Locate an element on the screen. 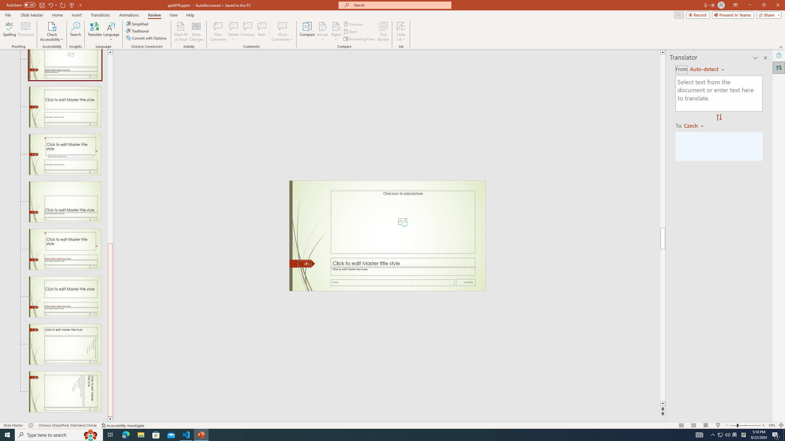  'Compare' is located at coordinates (307, 32).